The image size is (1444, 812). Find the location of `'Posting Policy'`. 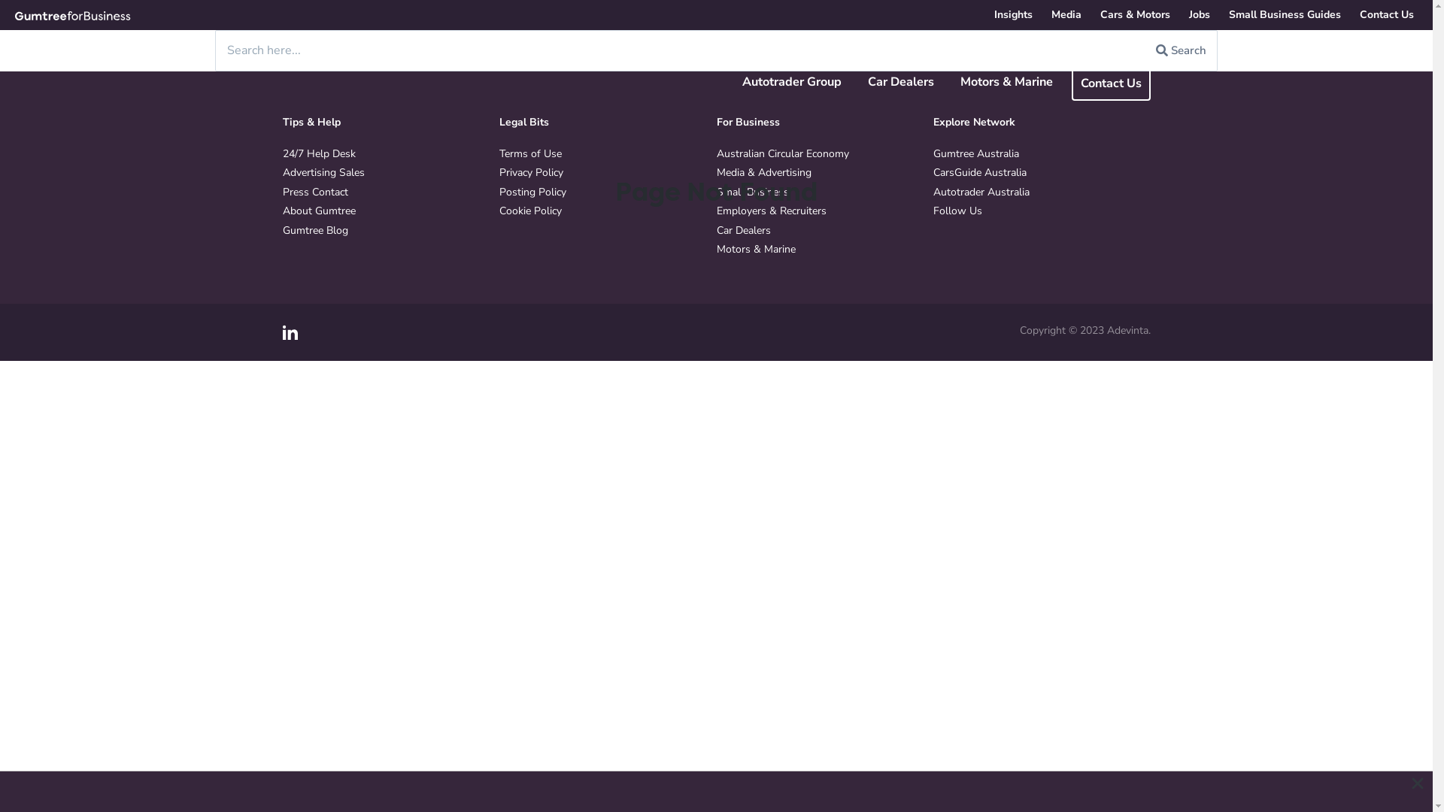

'Posting Policy' is located at coordinates (532, 191).